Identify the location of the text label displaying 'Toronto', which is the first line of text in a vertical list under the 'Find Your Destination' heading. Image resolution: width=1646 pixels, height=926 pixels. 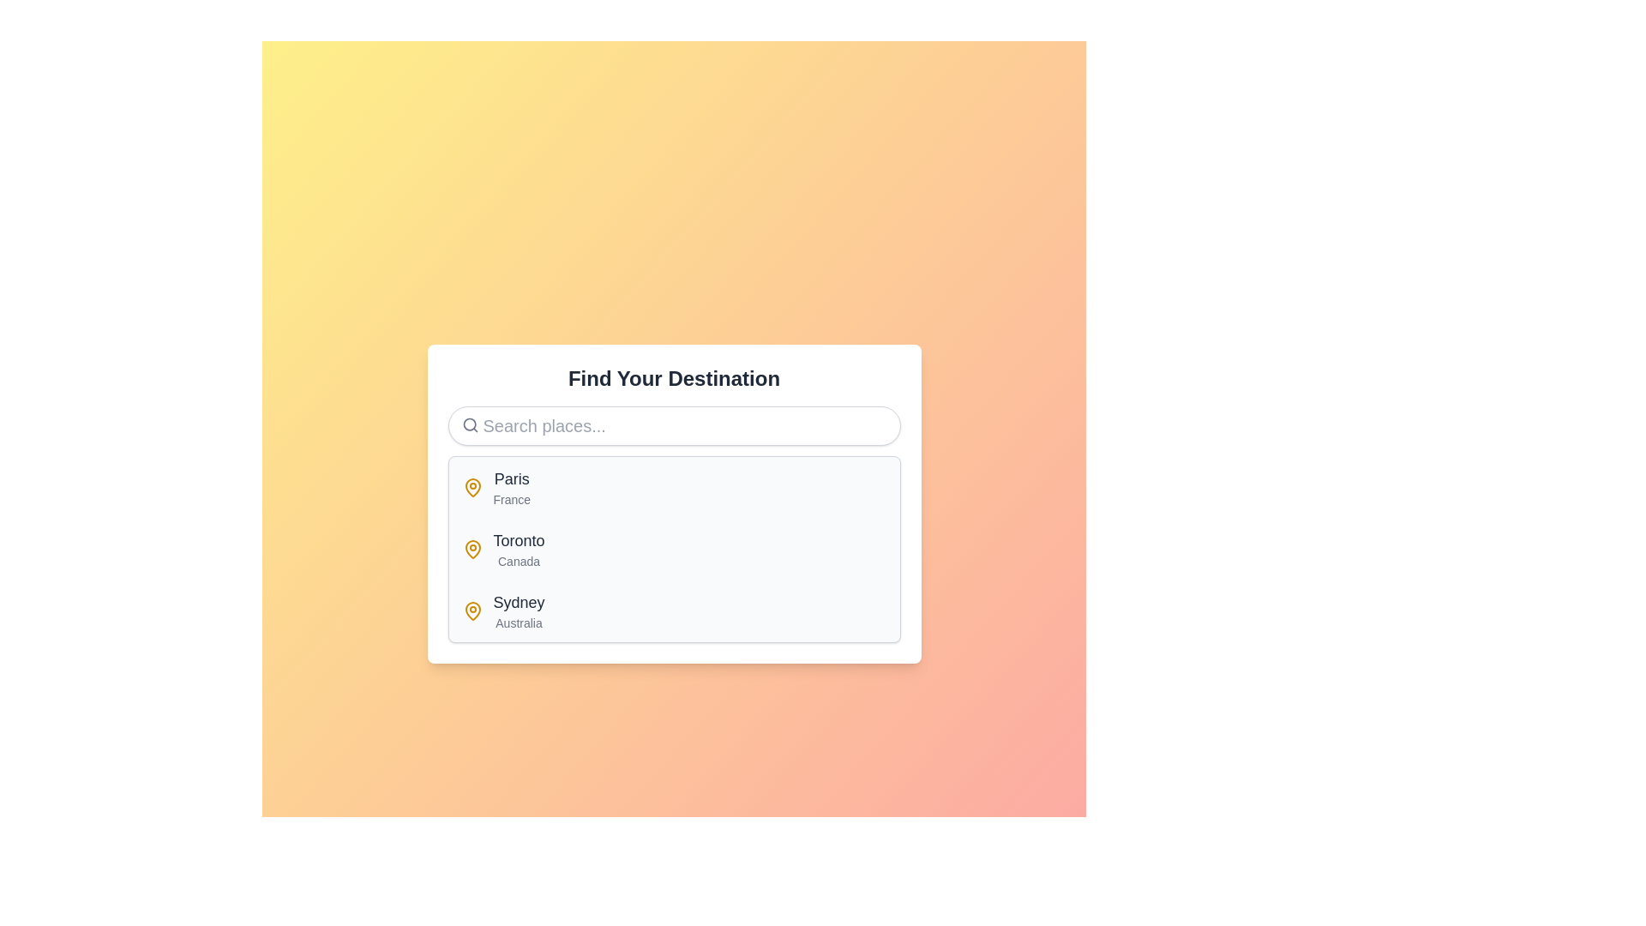
(518, 541).